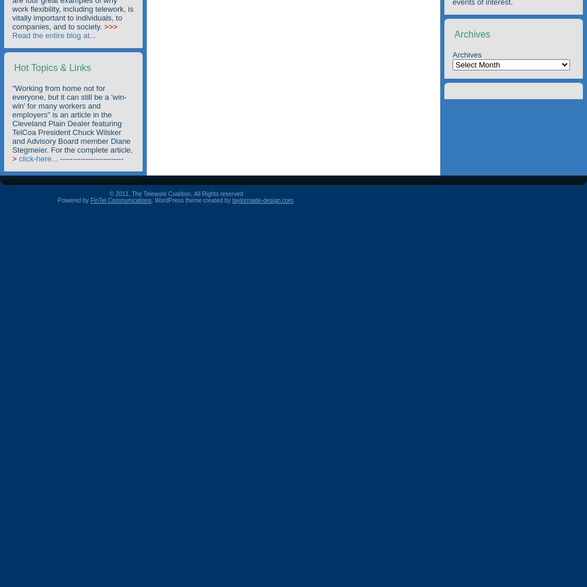  What do you see at coordinates (110, 26) in the screenshot?
I see `'>>>'` at bounding box center [110, 26].